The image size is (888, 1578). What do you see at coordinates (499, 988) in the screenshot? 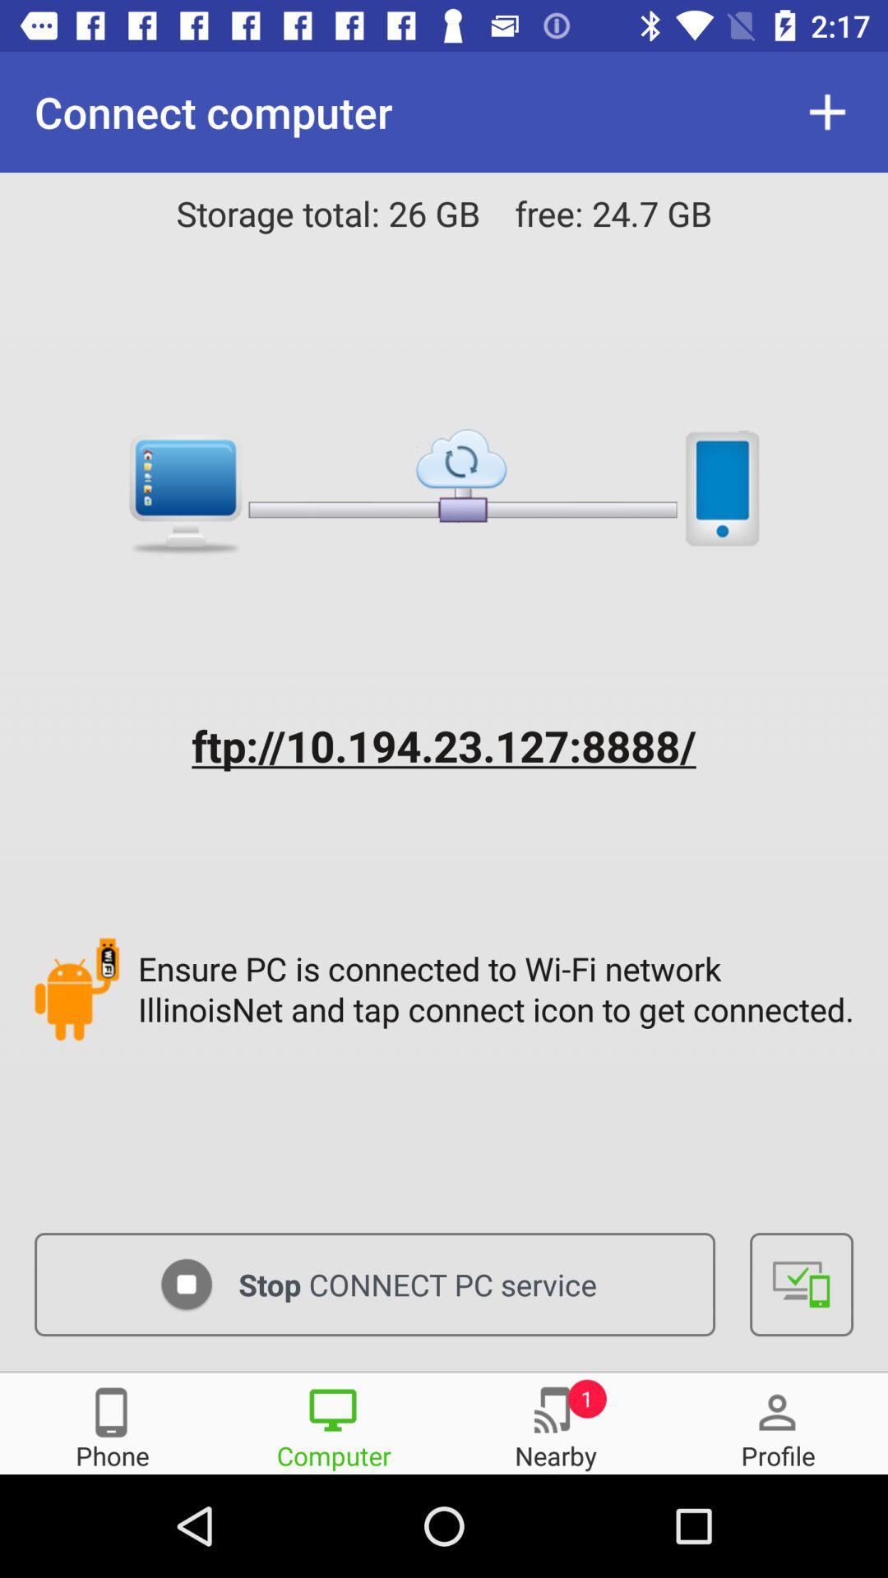
I see `ensure pc is` at bounding box center [499, 988].